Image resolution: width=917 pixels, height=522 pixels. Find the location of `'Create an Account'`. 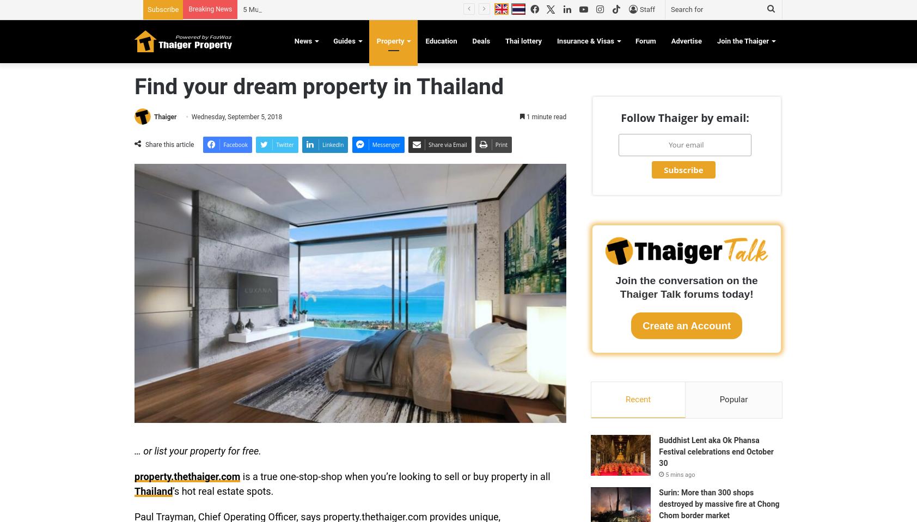

'Create an Account' is located at coordinates (686, 325).